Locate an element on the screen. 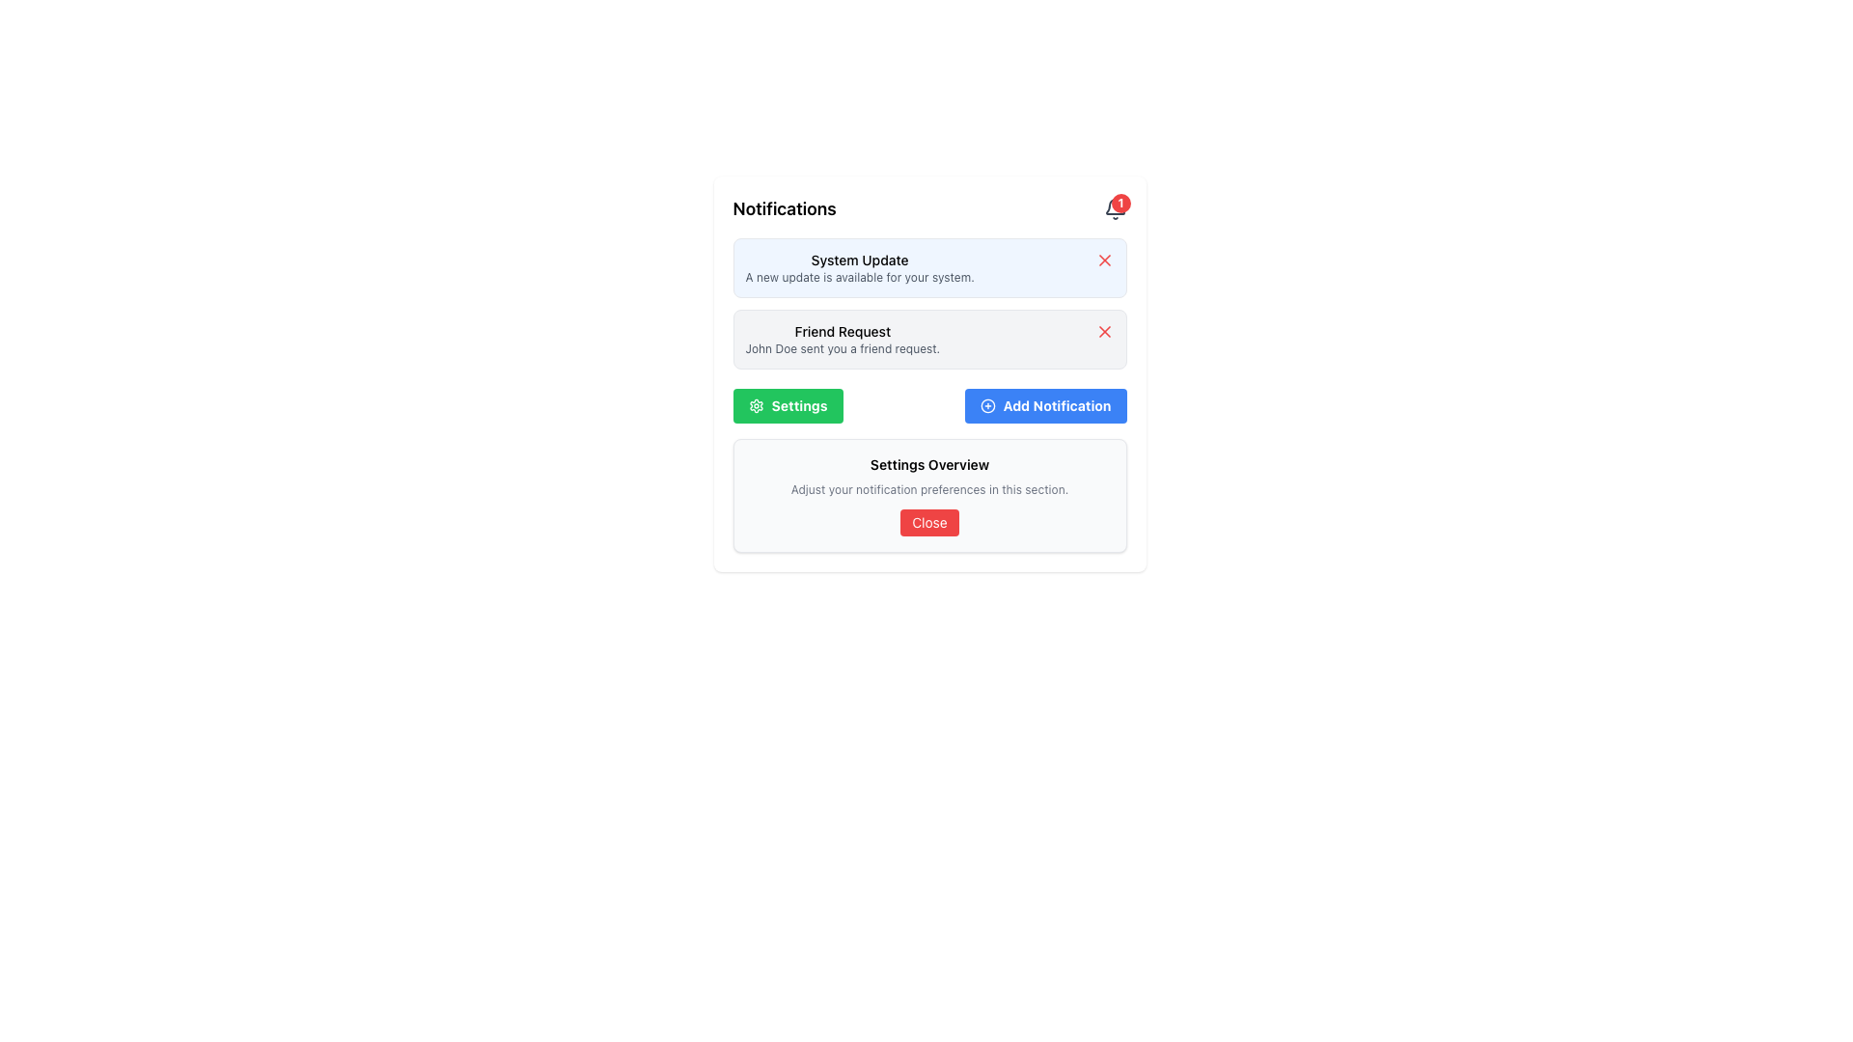 This screenshot has height=1042, width=1853. text from the Text Label located at the top-left corner of the notifications section, which serves as a header indicating the purpose of the associated section is located at coordinates (785, 208).